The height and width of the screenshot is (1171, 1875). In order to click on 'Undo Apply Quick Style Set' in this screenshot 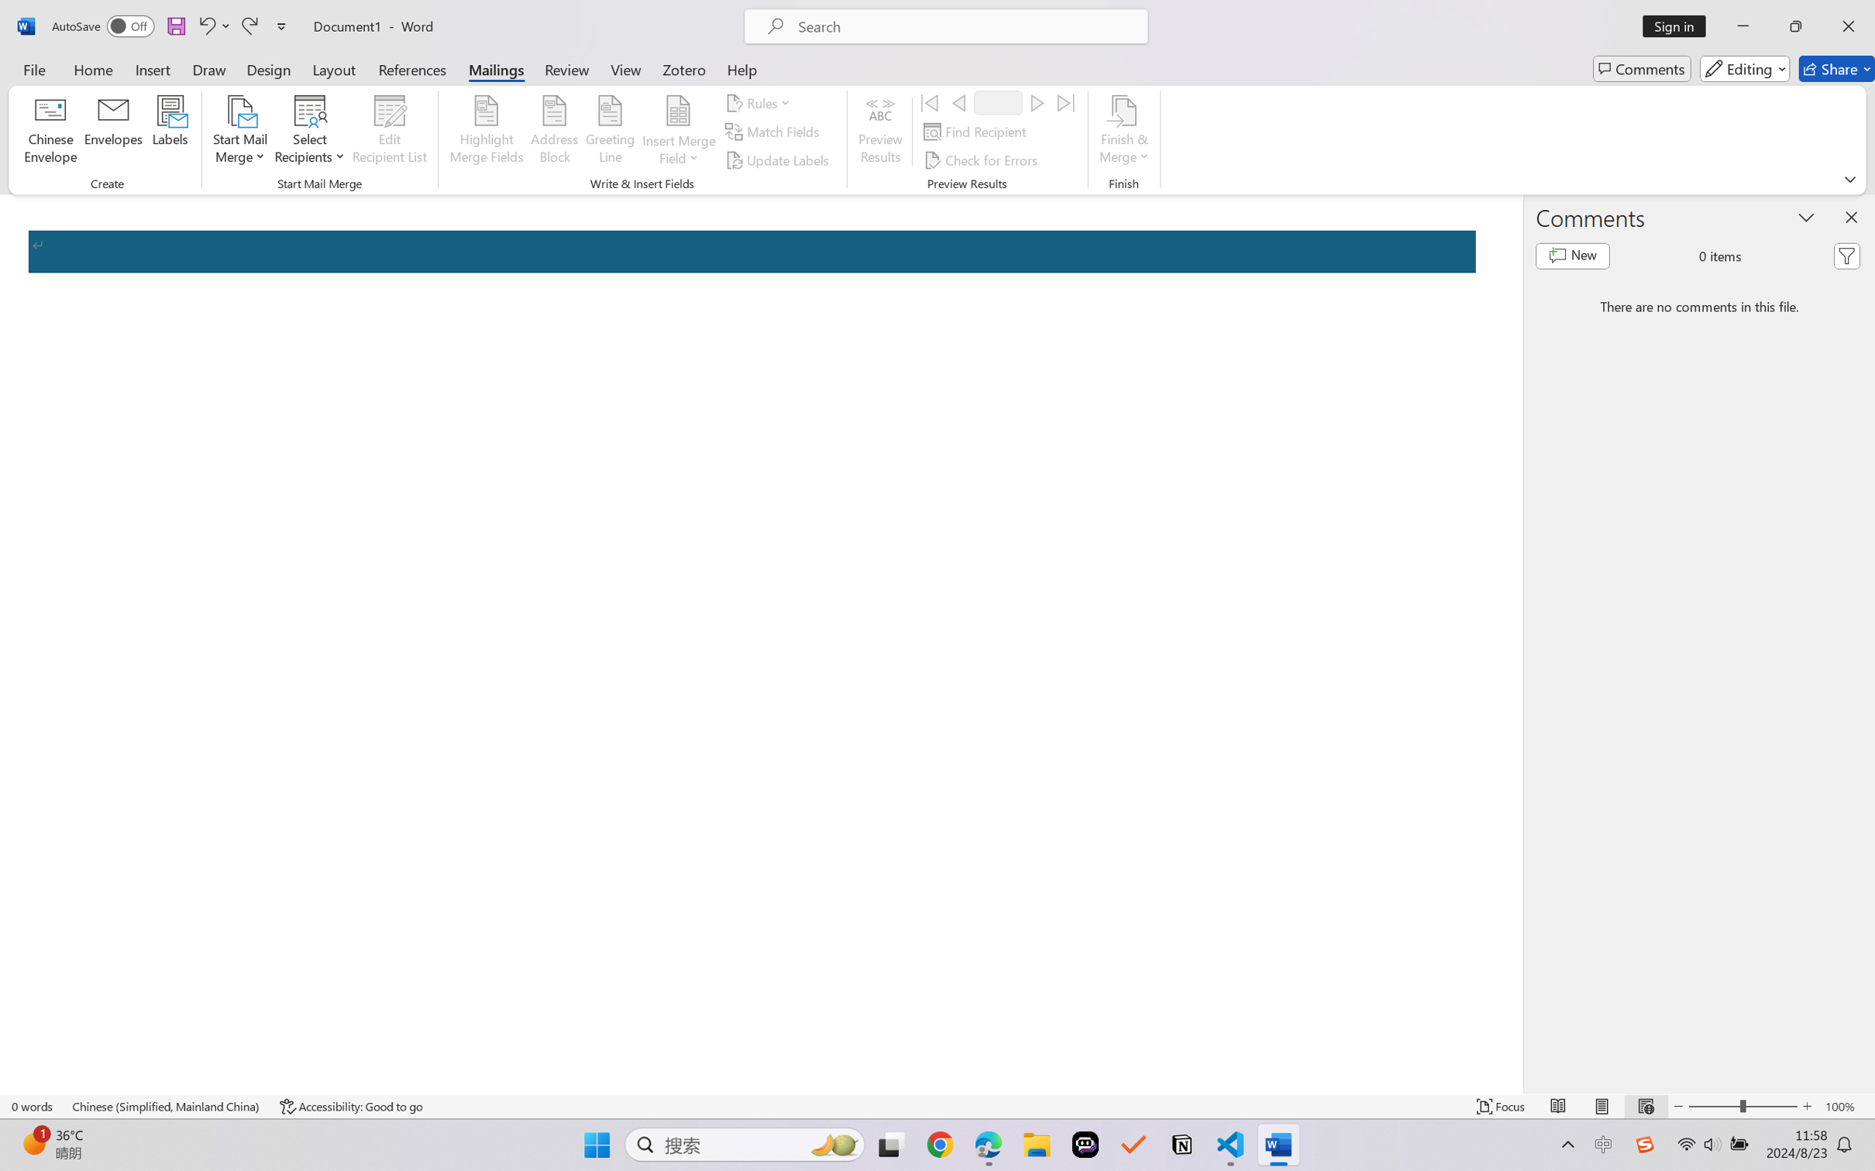, I will do `click(205, 26)`.